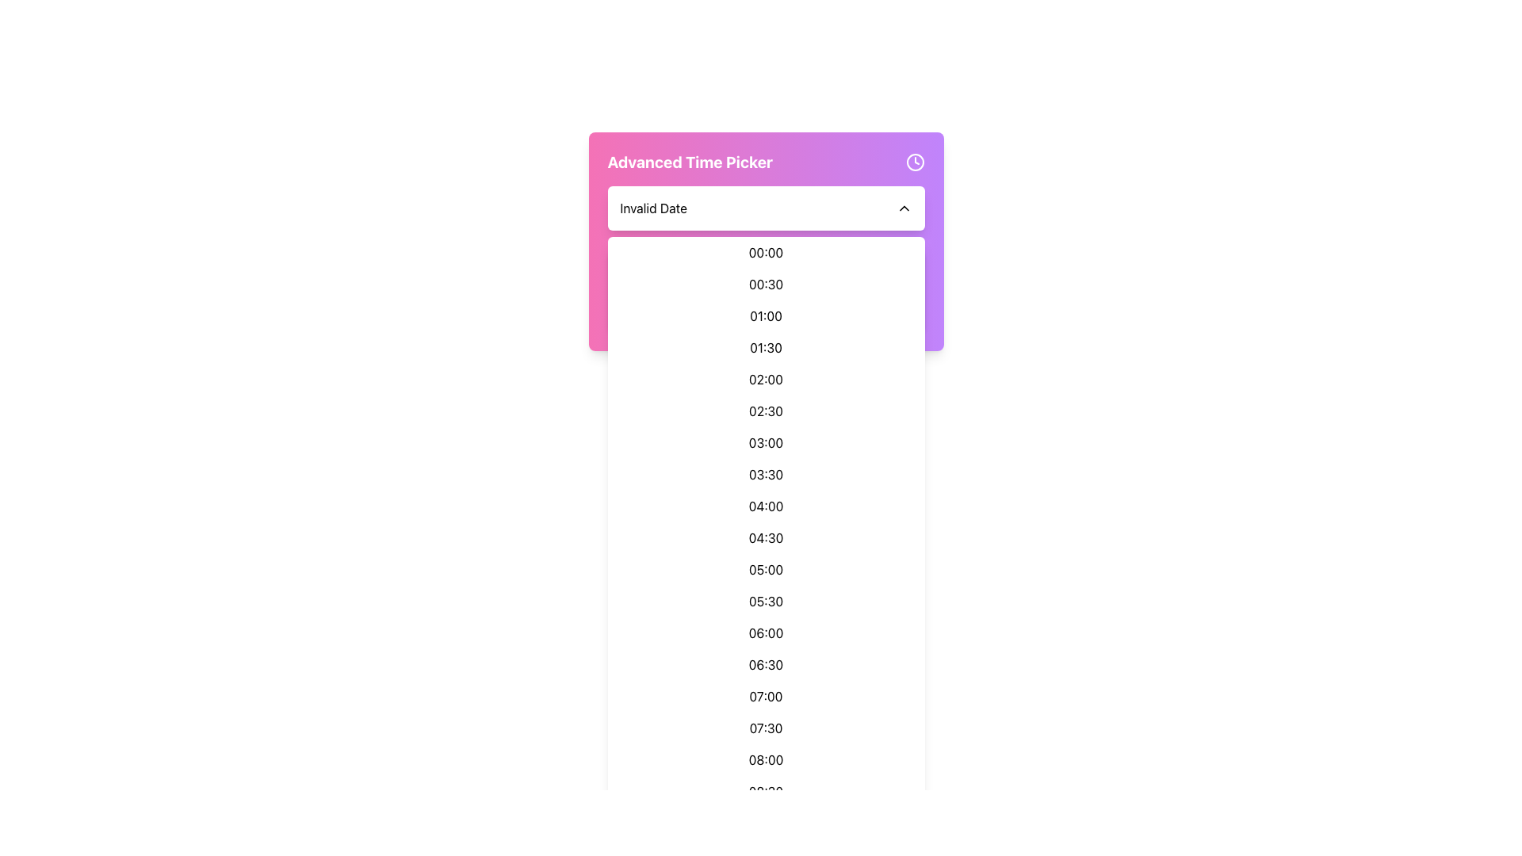  What do you see at coordinates (766, 537) in the screenshot?
I see `the 10th time option in the dropdown menu that is positioned between '04:00' and '05:00'` at bounding box center [766, 537].